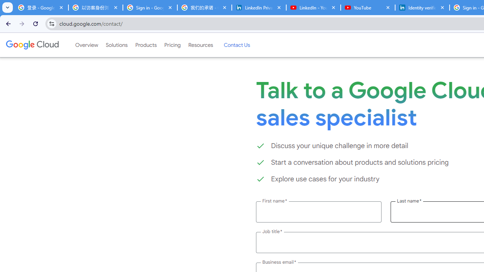  Describe the element at coordinates (313, 8) in the screenshot. I see `'LinkedIn - YouTube'` at that location.